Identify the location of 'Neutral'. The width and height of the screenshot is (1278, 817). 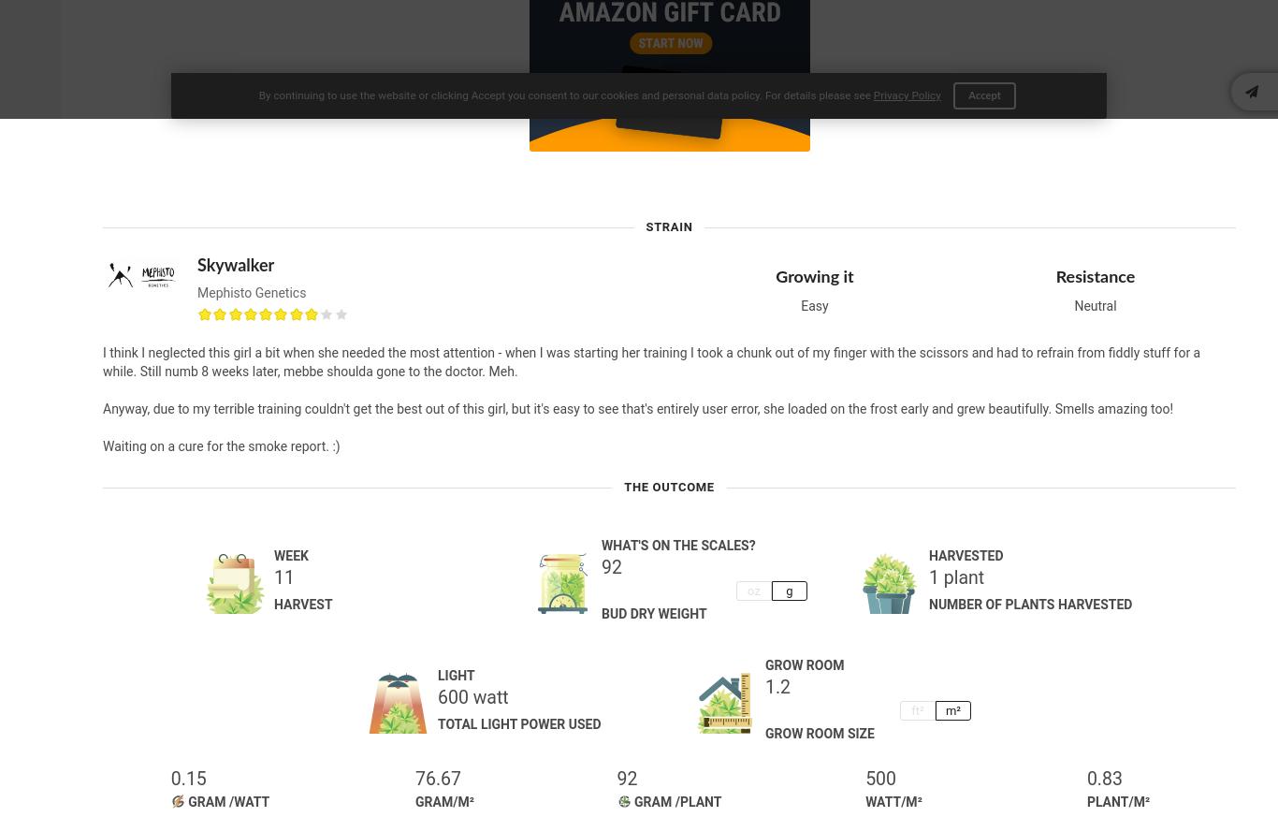
(1073, 306).